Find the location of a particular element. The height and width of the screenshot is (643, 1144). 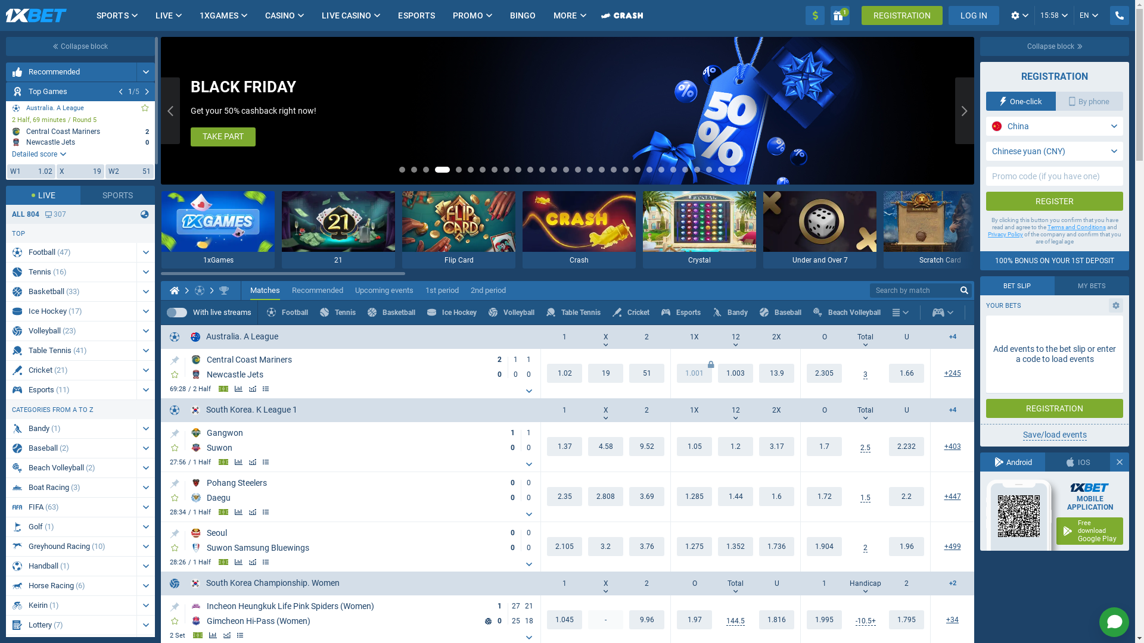

'403' is located at coordinates (952, 447).